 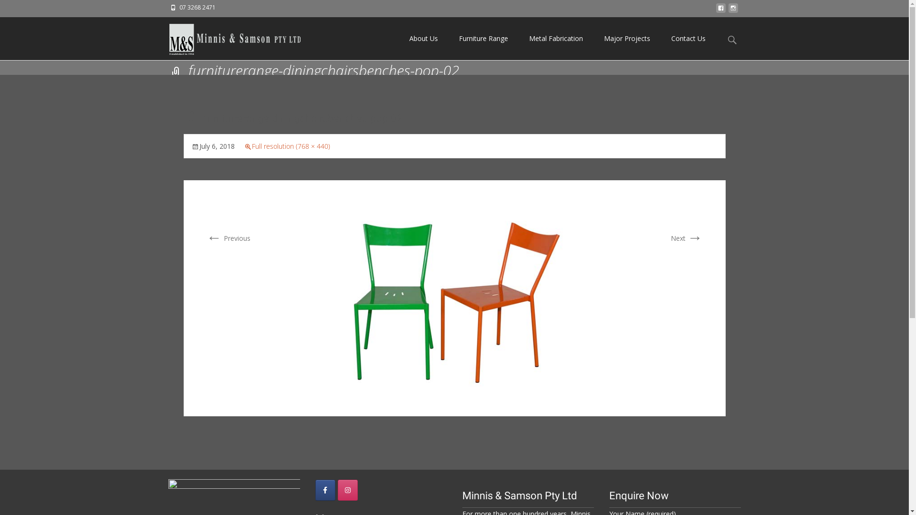 I want to click on 'About Us', so click(x=423, y=38).